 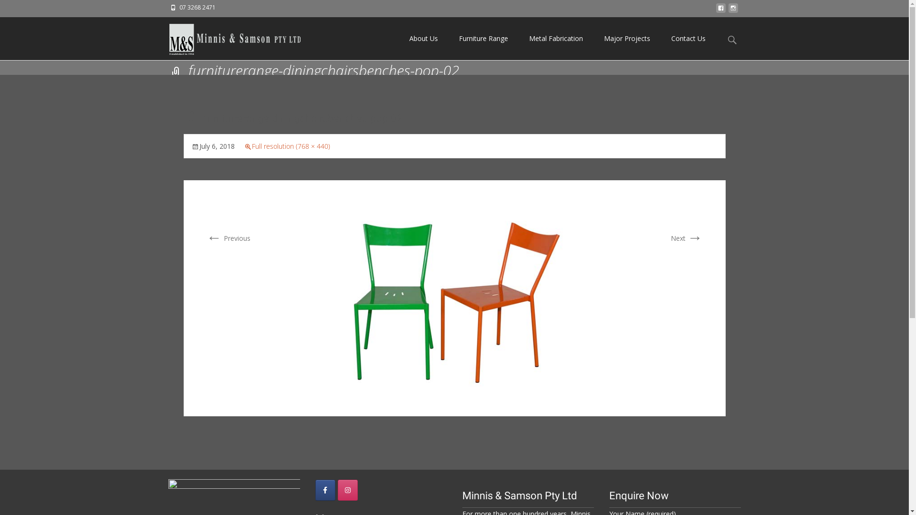 I want to click on 'About Us', so click(x=423, y=38).